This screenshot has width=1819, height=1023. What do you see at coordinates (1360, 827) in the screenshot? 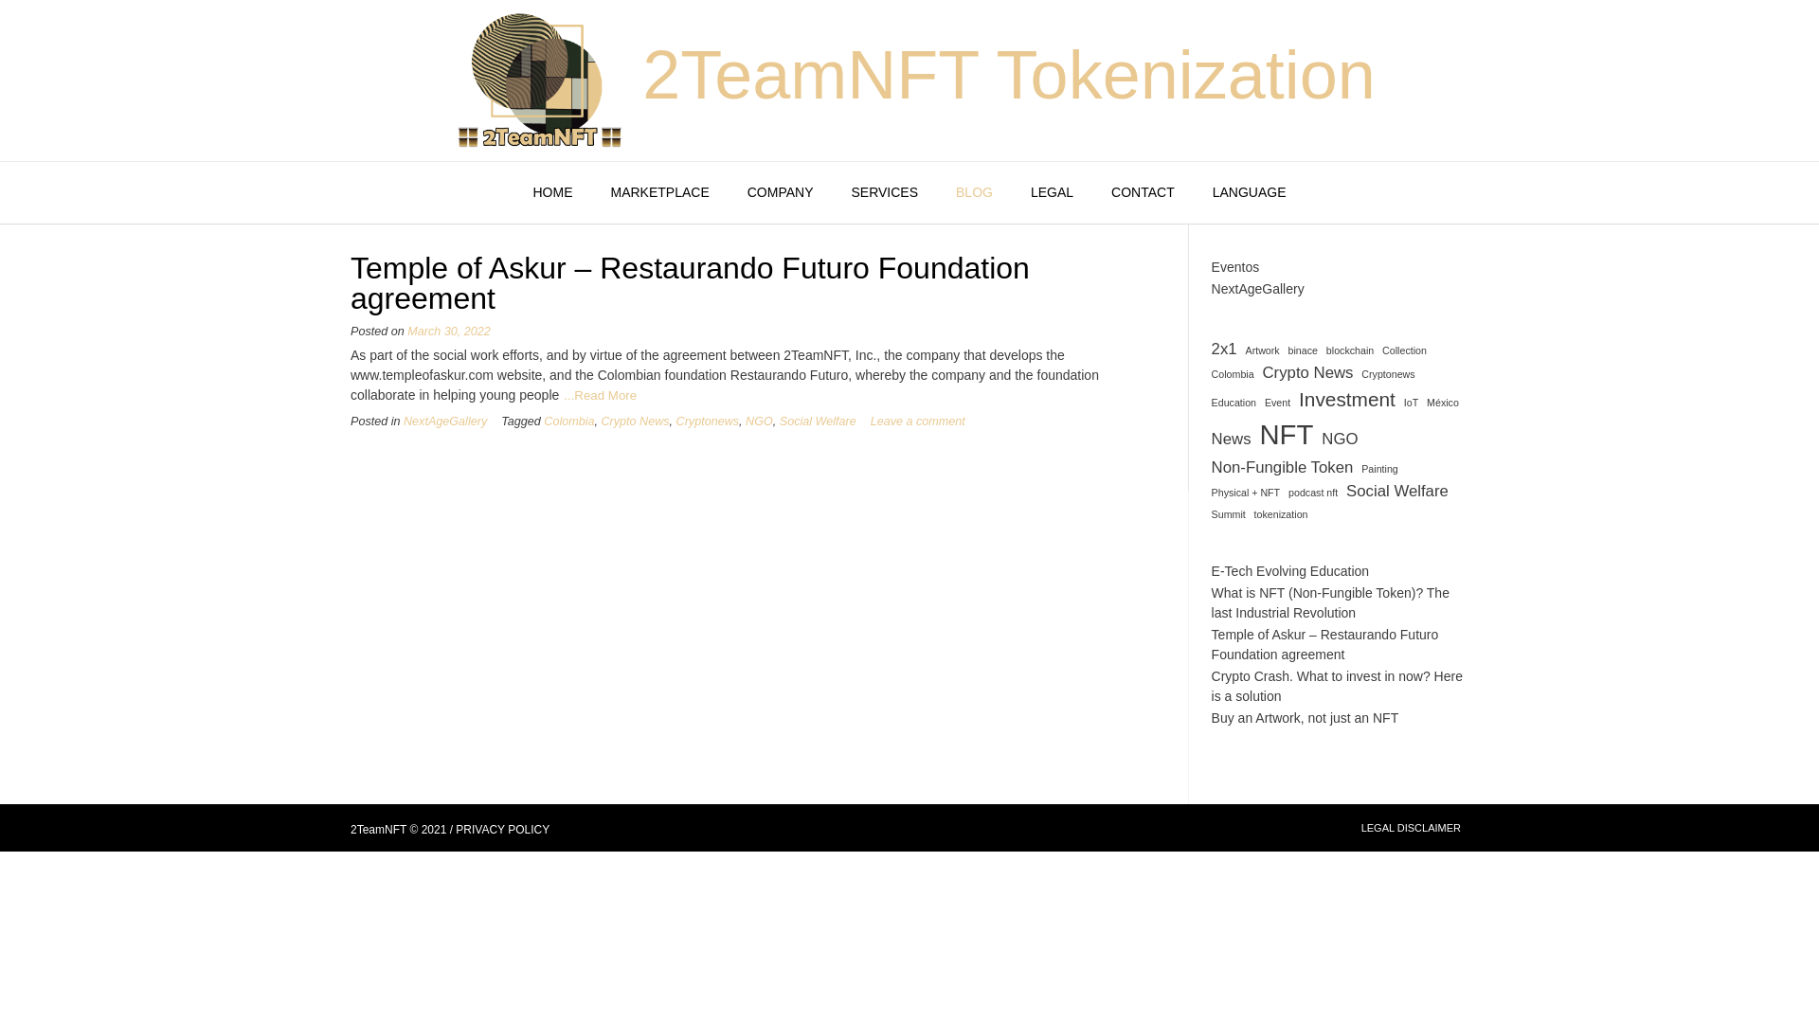
I see `'LEGAL DISCLAIMER'` at bounding box center [1360, 827].